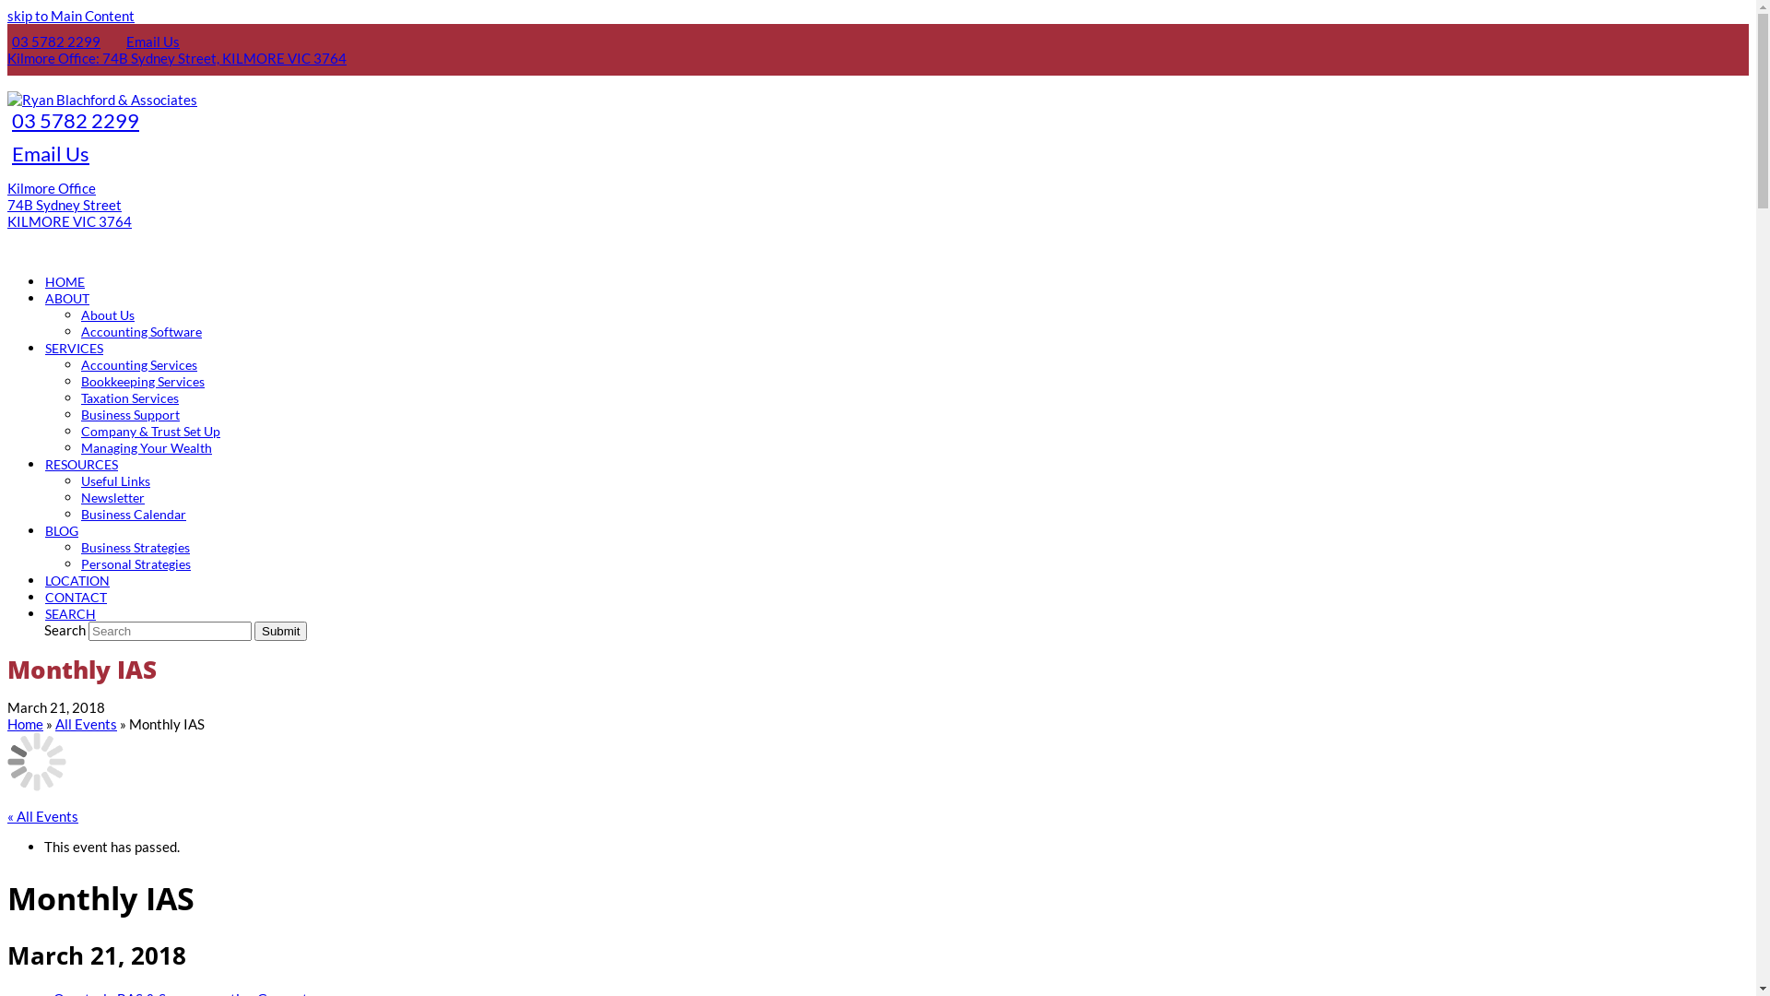 The height and width of the screenshot is (996, 1770). I want to click on 'SEARCH', so click(70, 612).